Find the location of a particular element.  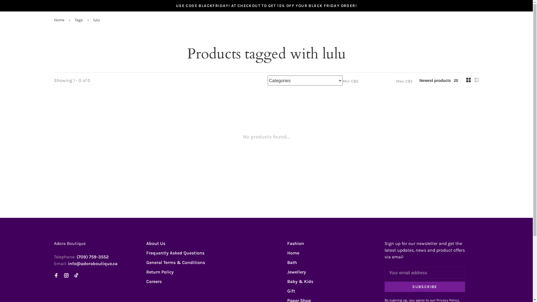

'Fashion' is located at coordinates (295, 243).